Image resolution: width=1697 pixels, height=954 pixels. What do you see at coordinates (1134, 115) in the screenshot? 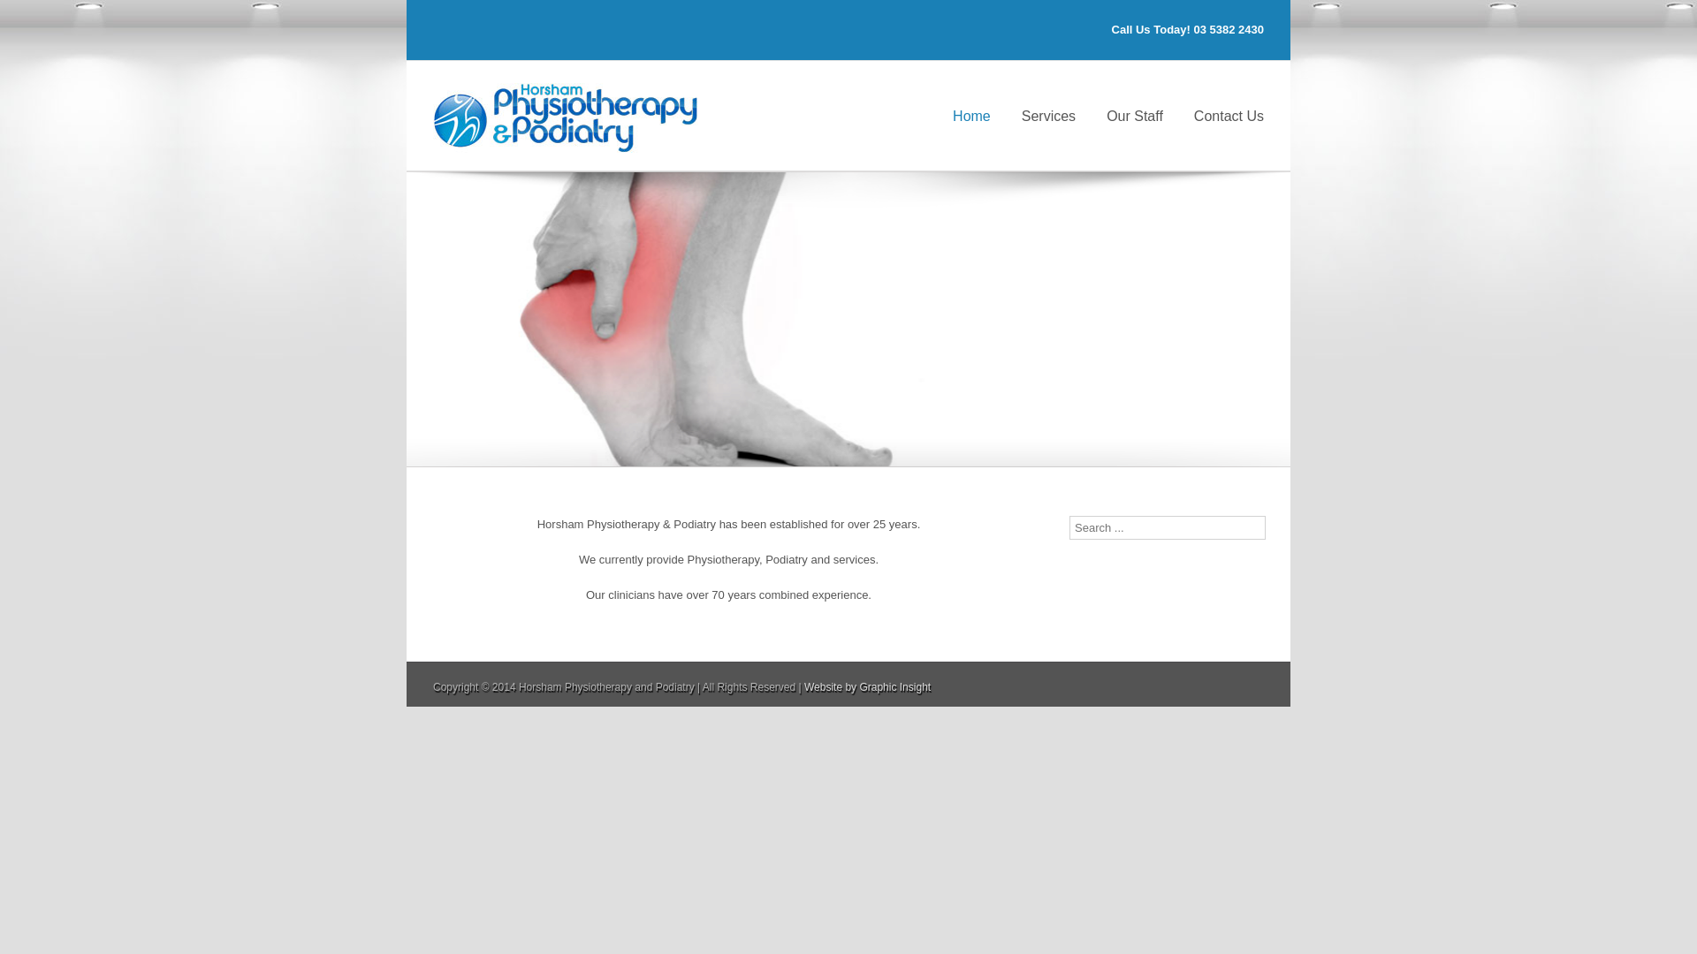
I see `'Our Staff'` at bounding box center [1134, 115].